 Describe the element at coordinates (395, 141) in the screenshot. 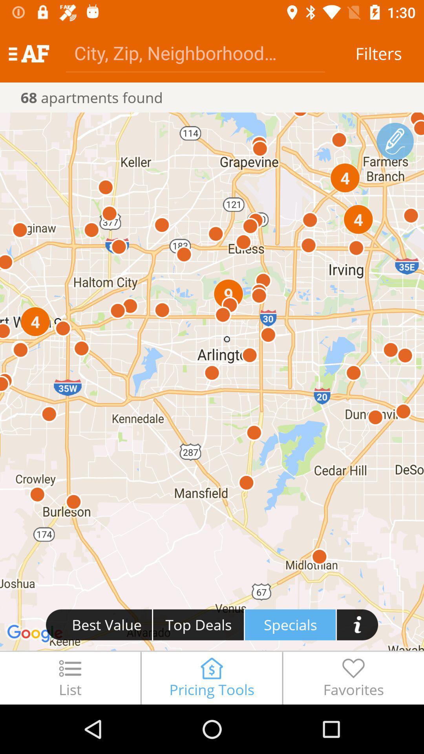

I see `the edit icon` at that location.